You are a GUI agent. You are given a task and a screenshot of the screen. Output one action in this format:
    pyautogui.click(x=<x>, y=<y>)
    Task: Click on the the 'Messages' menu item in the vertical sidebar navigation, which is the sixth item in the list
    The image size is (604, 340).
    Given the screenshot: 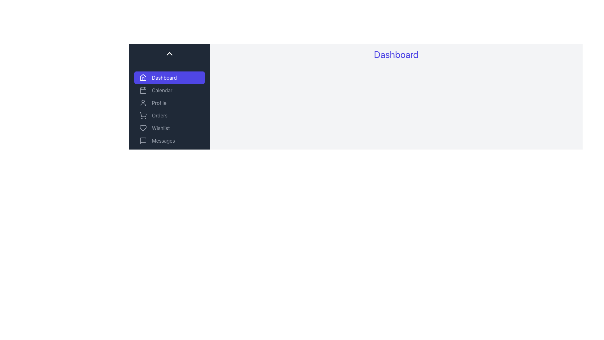 What is the action you would take?
    pyautogui.click(x=169, y=140)
    